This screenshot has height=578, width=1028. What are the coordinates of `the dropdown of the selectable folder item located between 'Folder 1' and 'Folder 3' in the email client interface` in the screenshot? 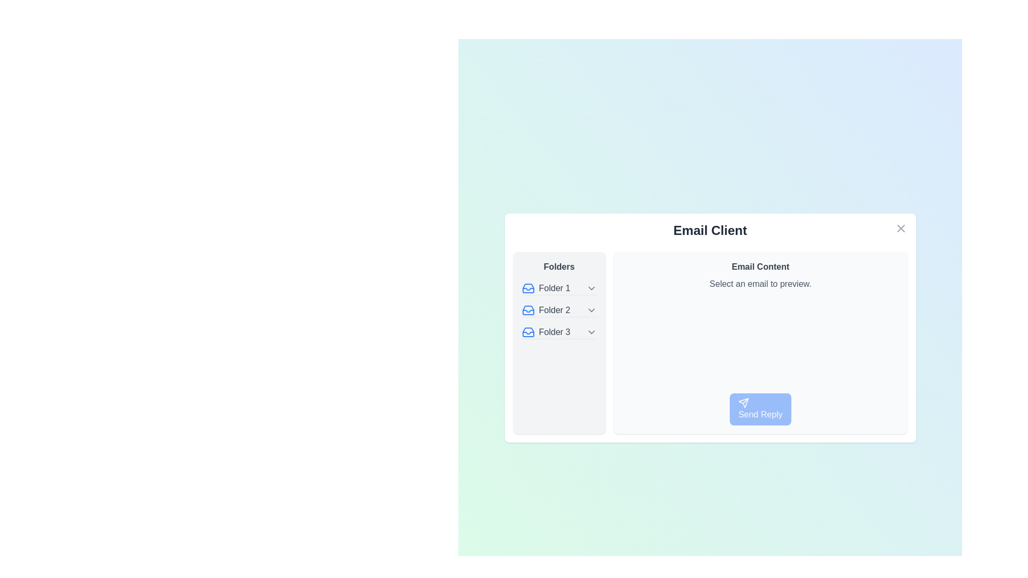 It's located at (558, 310).